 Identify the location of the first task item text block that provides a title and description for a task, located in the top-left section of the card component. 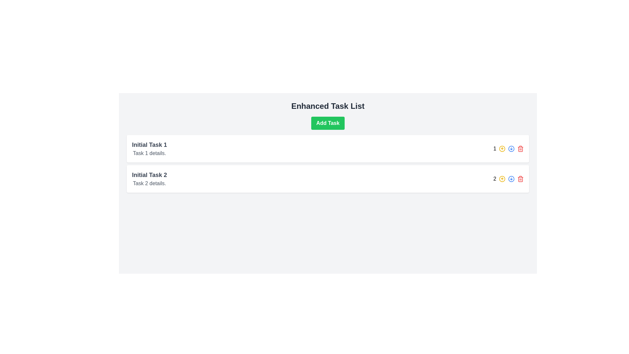
(149, 149).